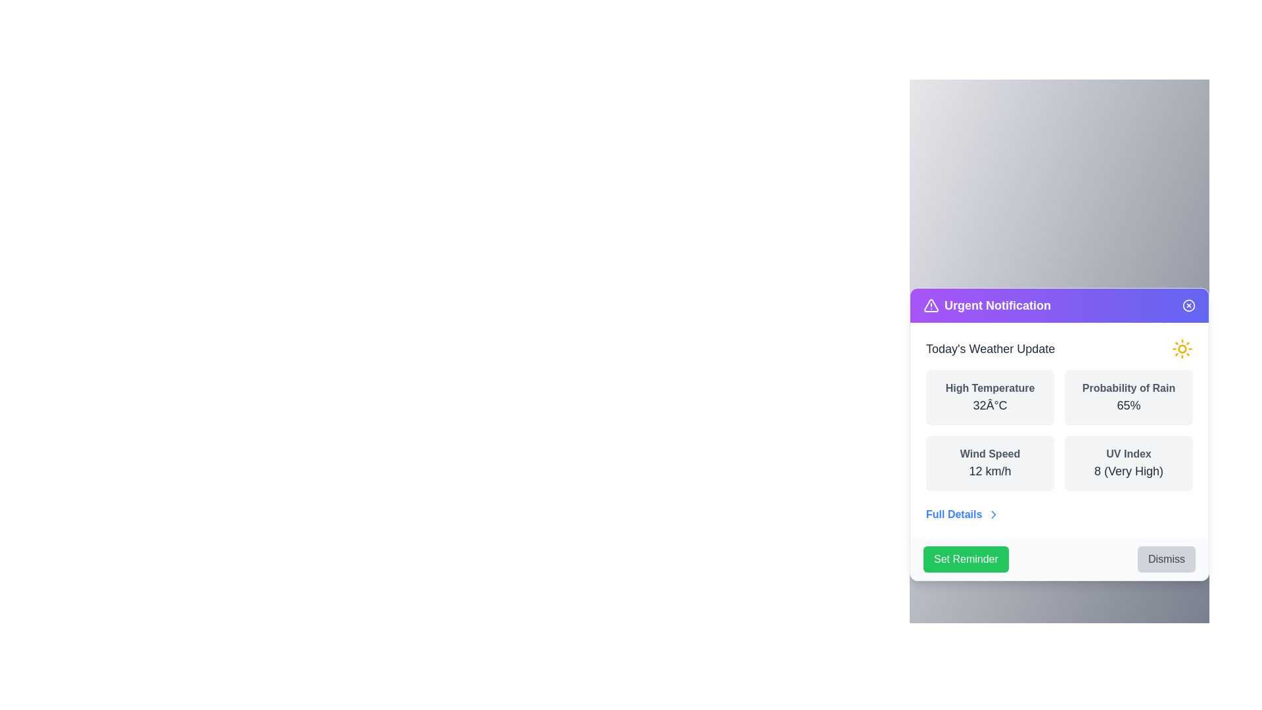 This screenshot has width=1262, height=710. Describe the element at coordinates (1167, 559) in the screenshot. I see `the dismiss button located at the bottom-right of the notification card` at that location.